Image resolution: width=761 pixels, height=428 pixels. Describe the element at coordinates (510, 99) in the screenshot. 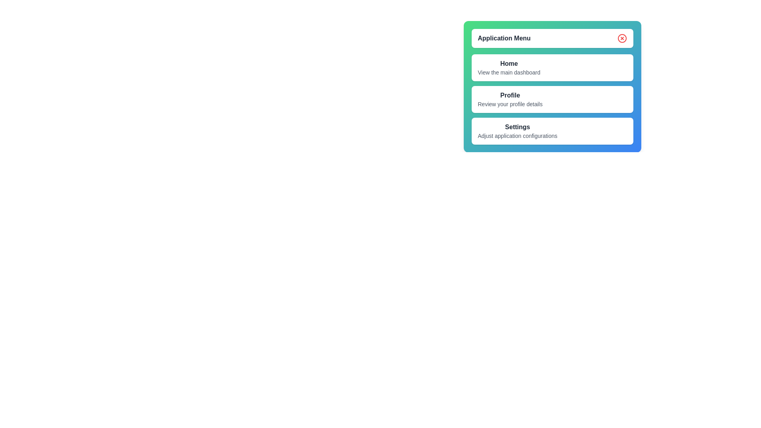

I see `the menu item Profile to navigate to its section` at that location.